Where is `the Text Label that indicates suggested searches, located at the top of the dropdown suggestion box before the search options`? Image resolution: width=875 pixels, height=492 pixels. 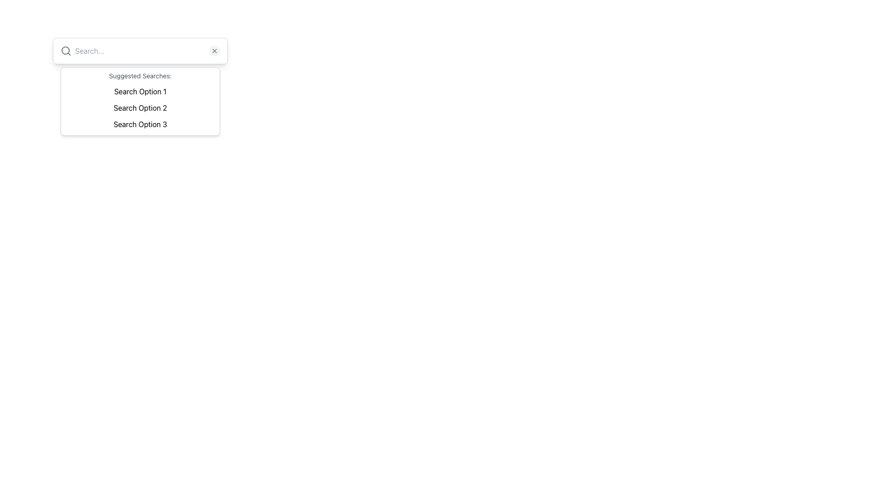 the Text Label that indicates suggested searches, located at the top of the dropdown suggestion box before the search options is located at coordinates (139, 75).